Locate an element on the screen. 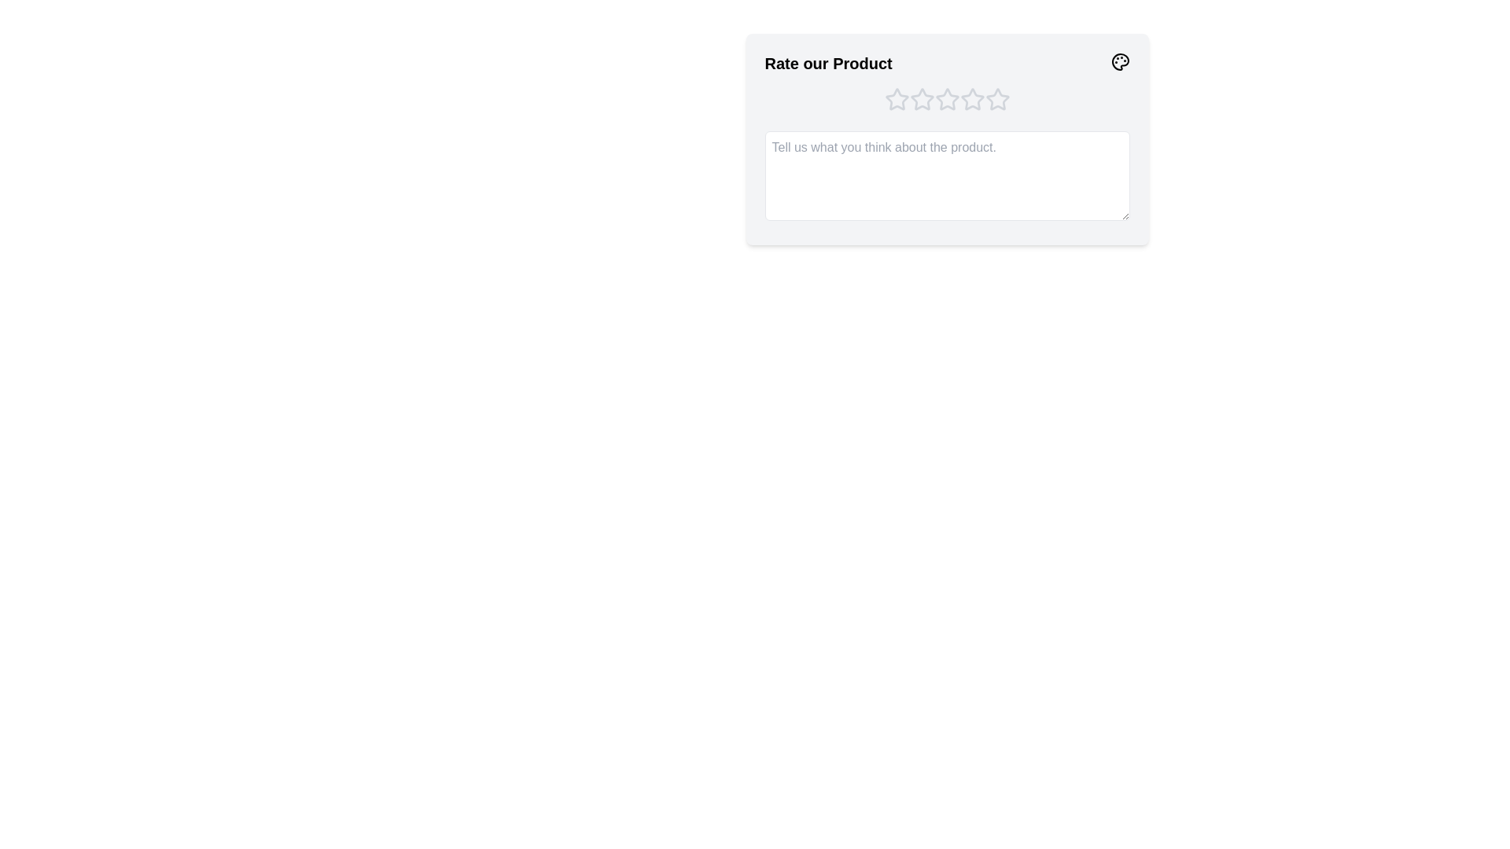 The height and width of the screenshot is (849, 1510). the product rating to 3 stars by clicking on the corresponding star is located at coordinates (946, 100).